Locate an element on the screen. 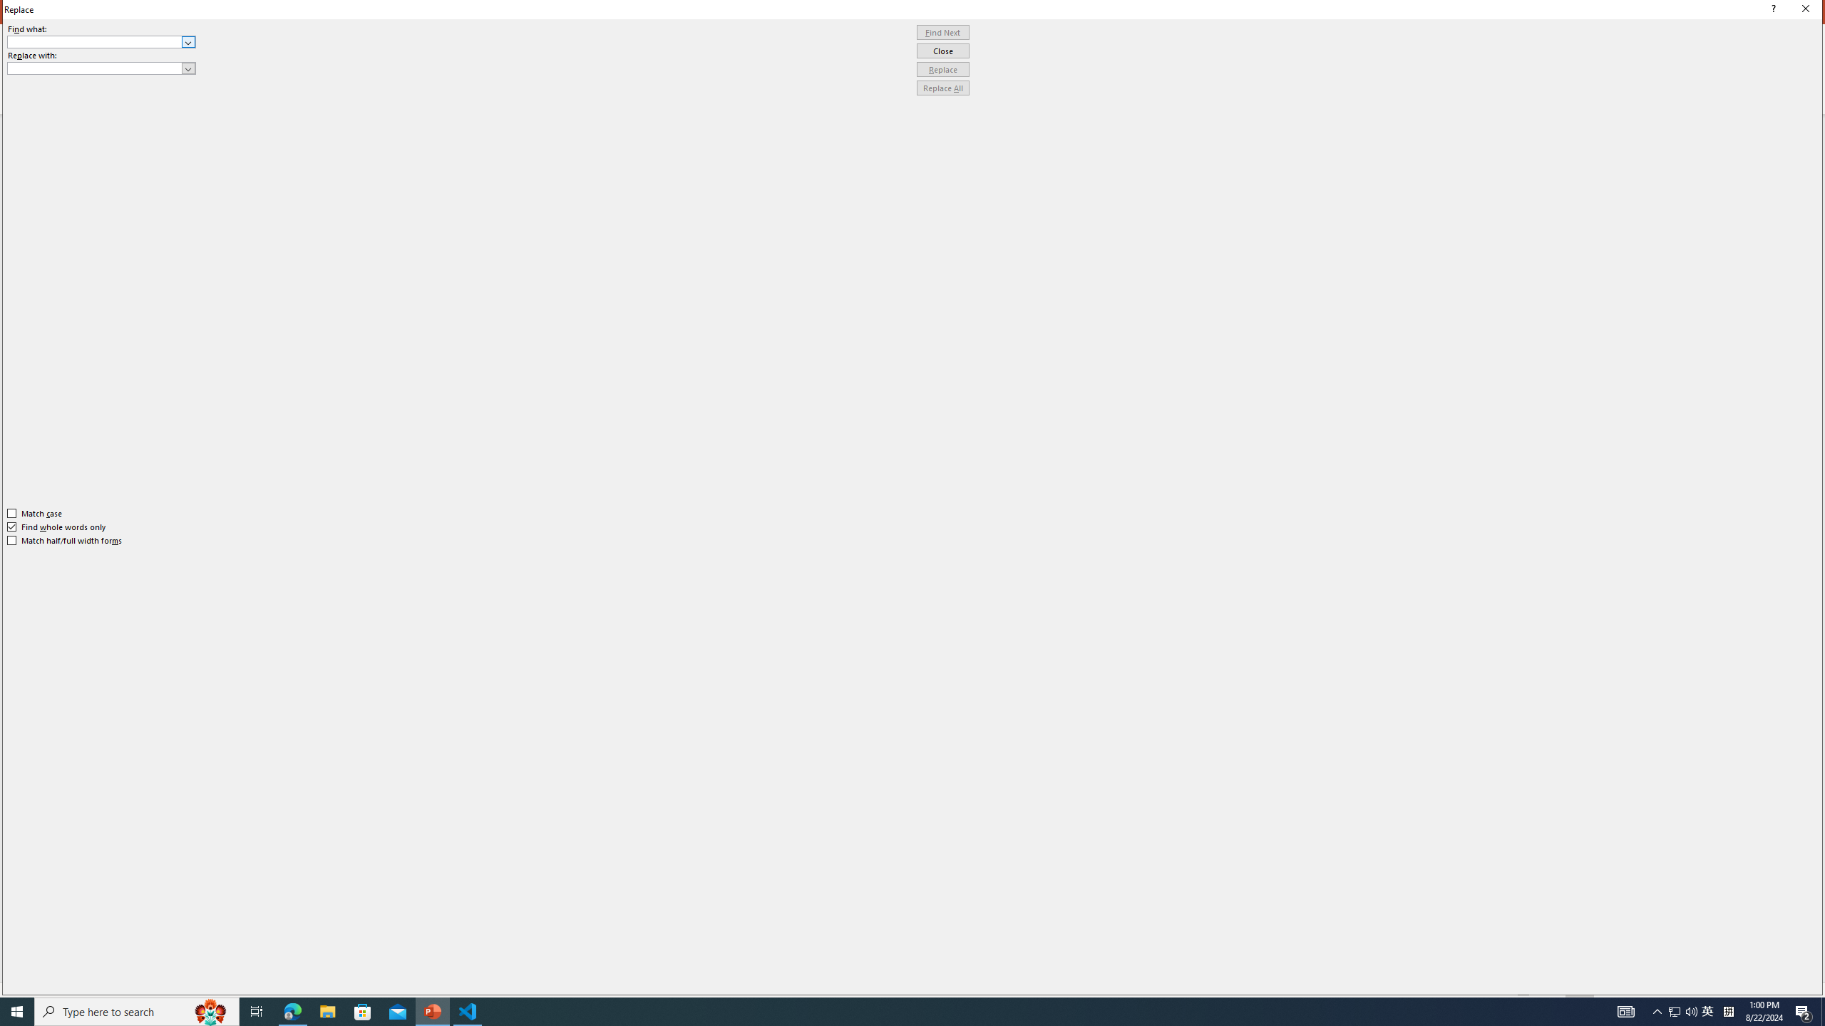 The image size is (1825, 1026). 'Find what' is located at coordinates (95, 41).